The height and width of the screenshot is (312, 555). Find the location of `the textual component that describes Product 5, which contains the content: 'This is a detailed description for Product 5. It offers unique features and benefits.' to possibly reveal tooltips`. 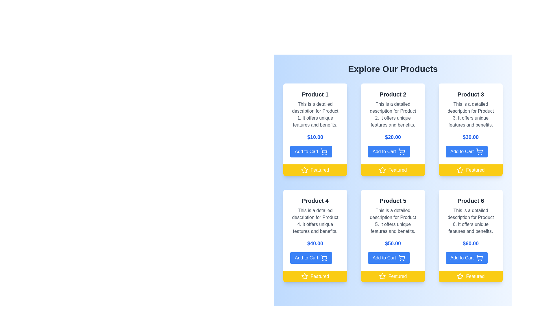

the textual component that describes Product 5, which contains the content: 'This is a detailed description for Product 5. It offers unique features and benefits.' to possibly reveal tooltips is located at coordinates (393, 221).